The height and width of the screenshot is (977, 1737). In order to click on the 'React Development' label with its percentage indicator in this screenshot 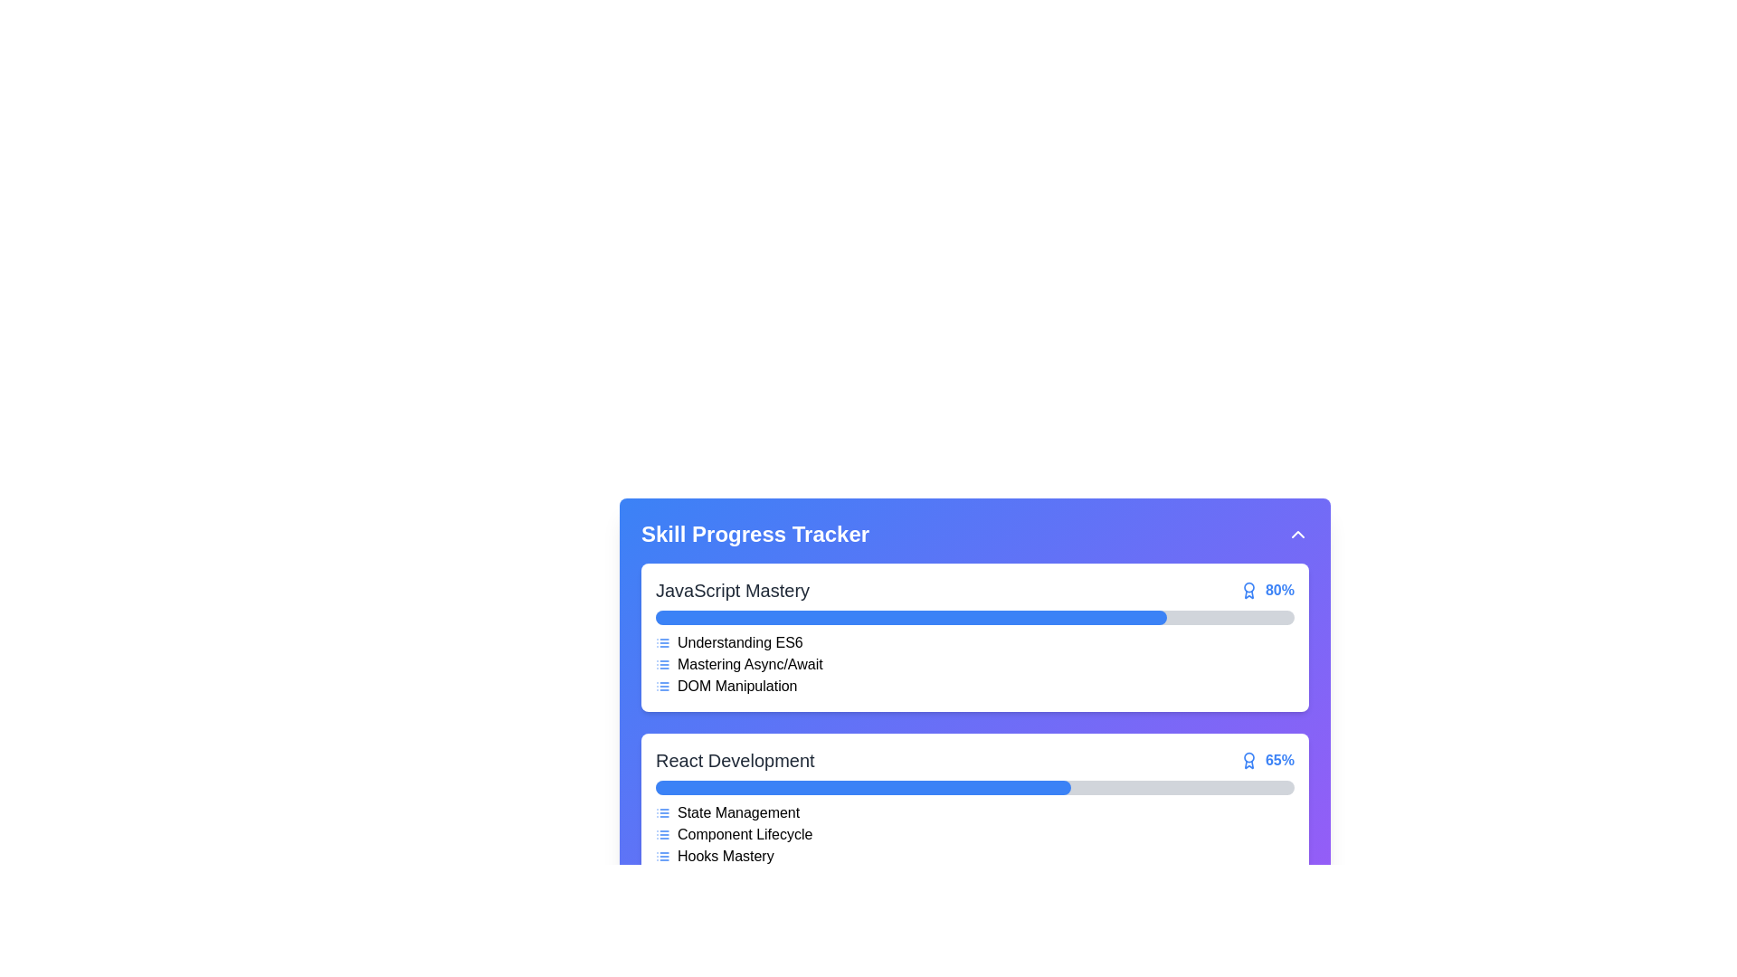, I will do `click(974, 760)`.